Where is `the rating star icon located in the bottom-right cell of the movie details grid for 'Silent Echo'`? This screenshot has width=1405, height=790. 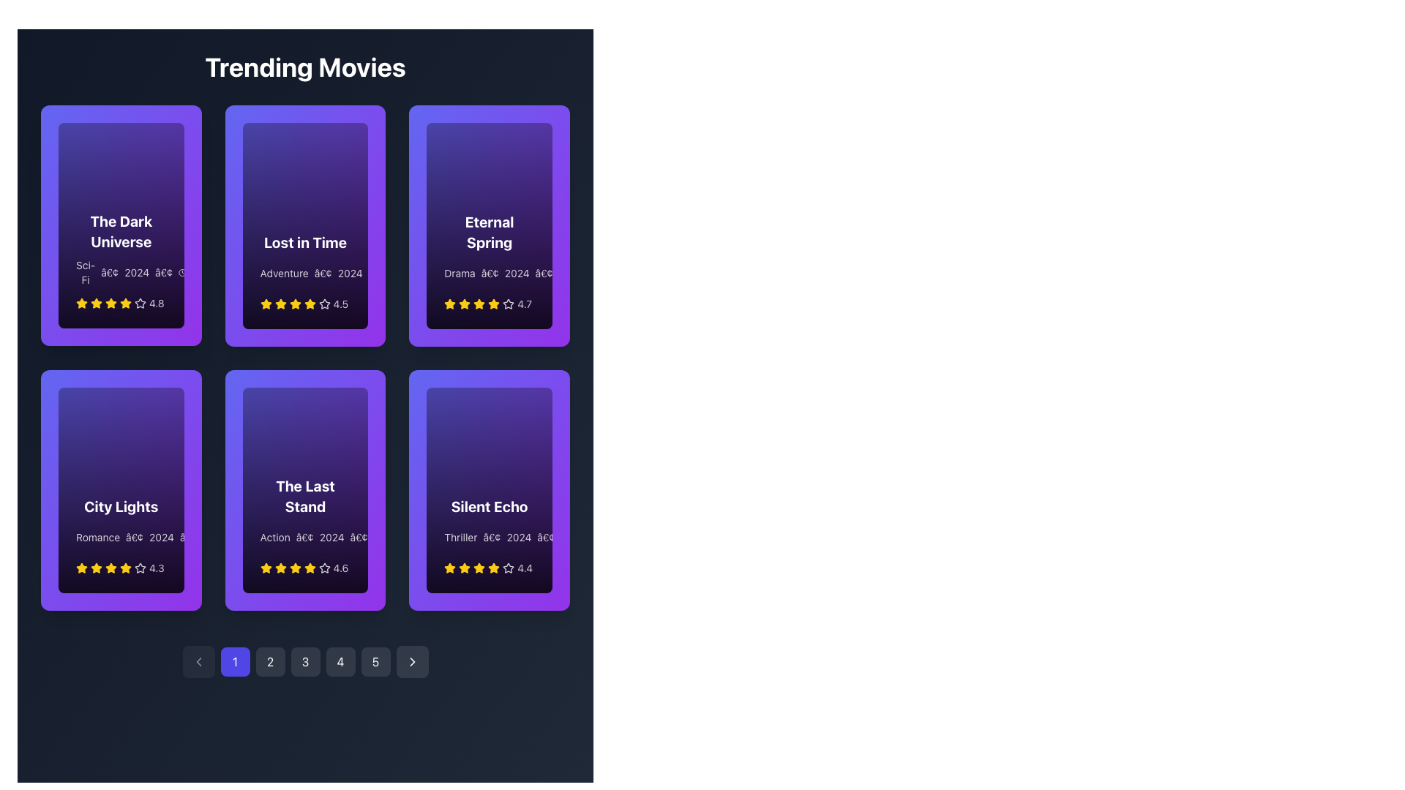
the rating star icon located in the bottom-right cell of the movie details grid for 'Silent Echo' is located at coordinates (449, 567).